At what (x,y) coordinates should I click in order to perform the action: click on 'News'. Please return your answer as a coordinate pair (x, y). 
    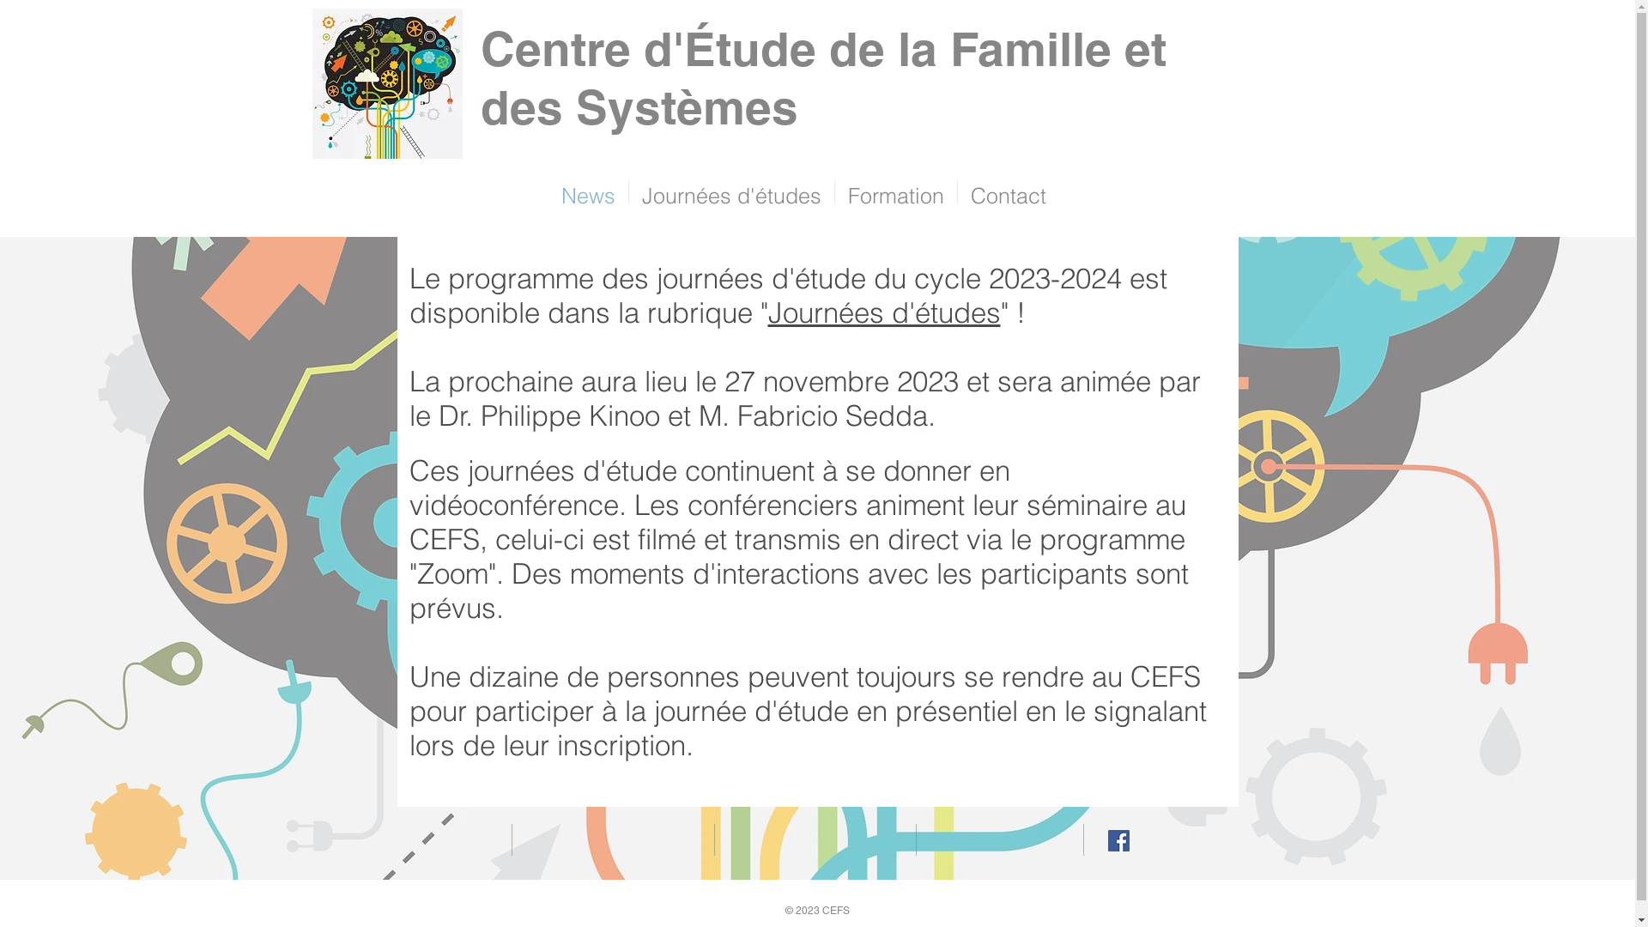
    Looking at the image, I should click on (547, 191).